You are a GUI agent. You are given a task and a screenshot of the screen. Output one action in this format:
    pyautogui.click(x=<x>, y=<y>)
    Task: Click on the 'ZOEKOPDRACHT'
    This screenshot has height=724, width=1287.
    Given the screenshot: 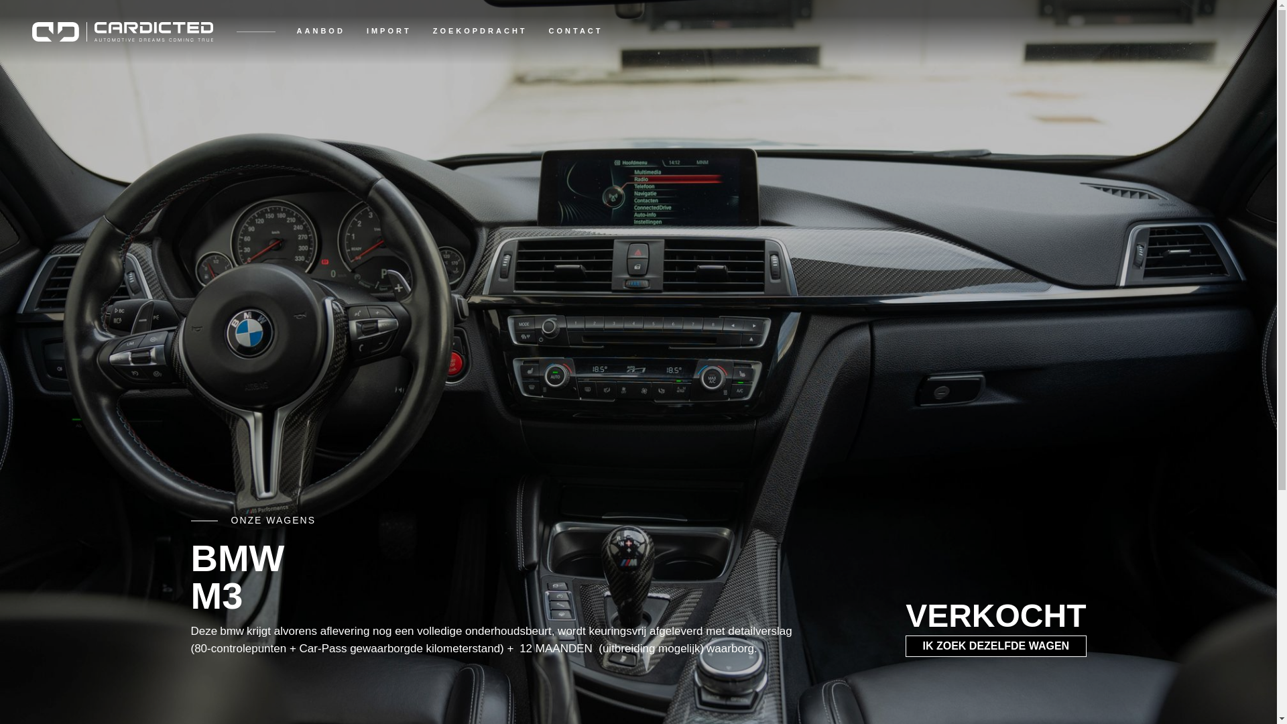 What is the action you would take?
    pyautogui.click(x=480, y=31)
    